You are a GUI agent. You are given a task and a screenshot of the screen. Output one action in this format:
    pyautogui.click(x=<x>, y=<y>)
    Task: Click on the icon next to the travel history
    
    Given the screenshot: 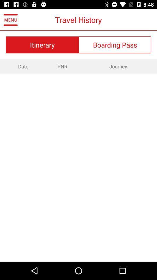 What is the action you would take?
    pyautogui.click(x=10, y=20)
    